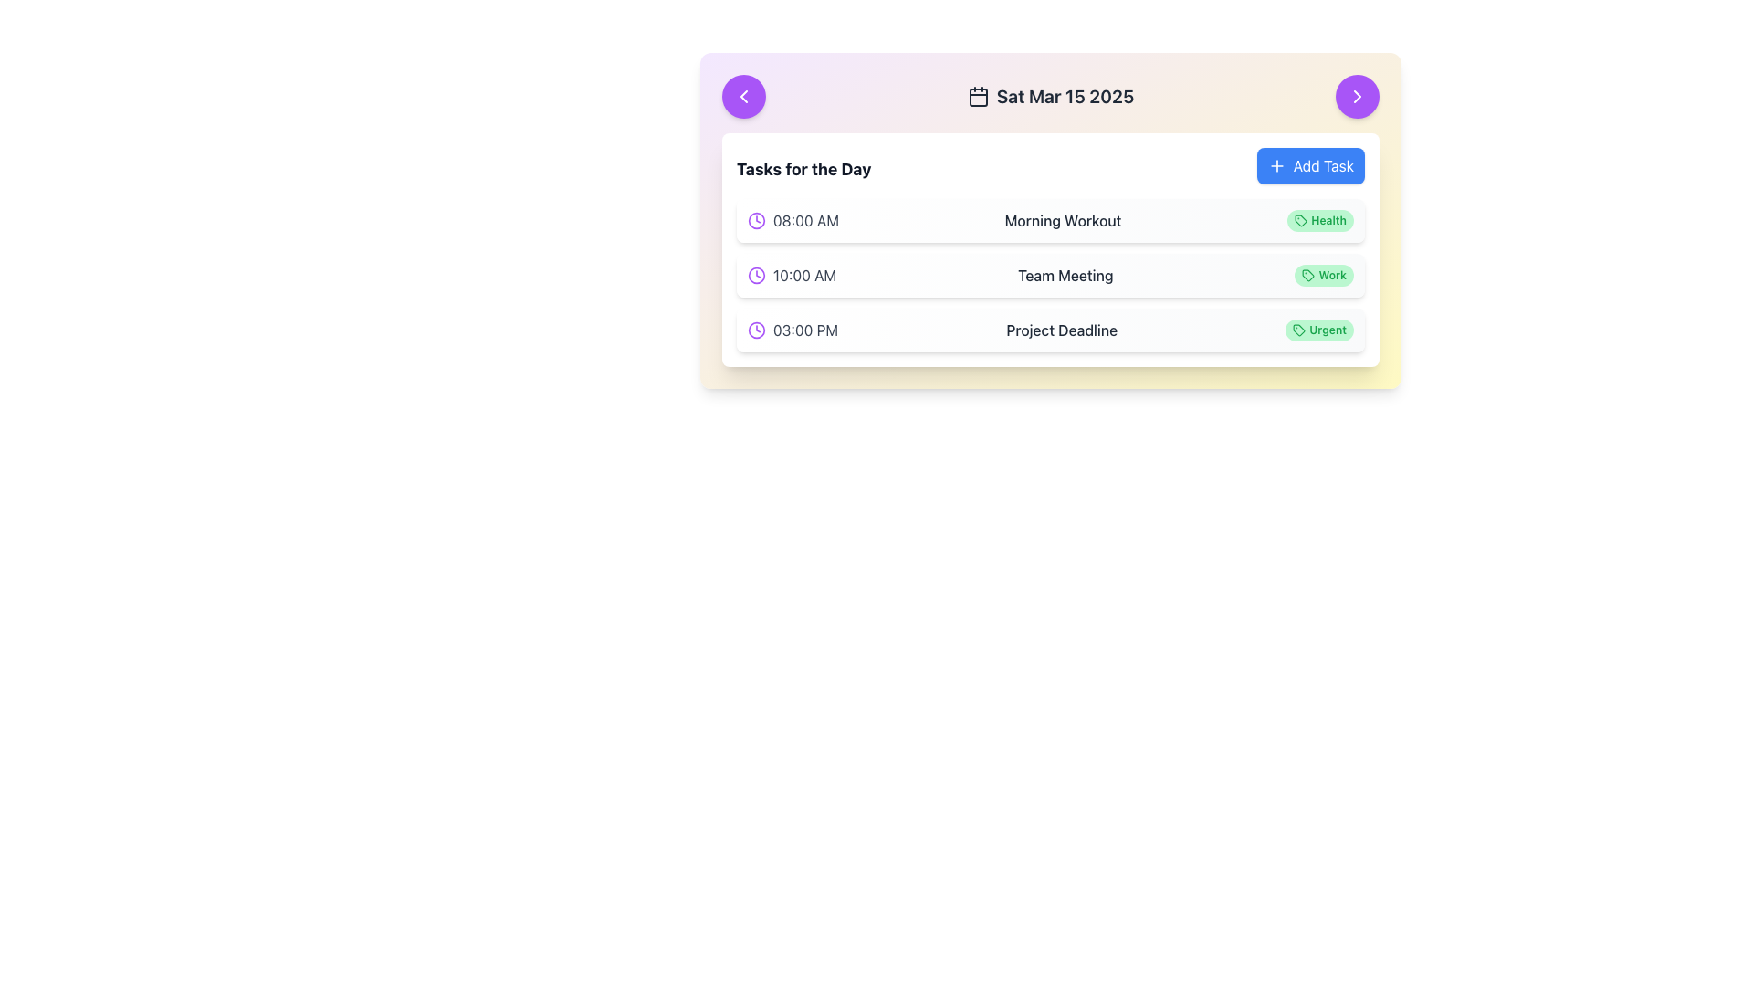 The width and height of the screenshot is (1753, 986). Describe the element at coordinates (792, 275) in the screenshot. I see `the Timestamp element that serves as a visual indicator of a scheduled event, located in the second row of tasks, between '08:00 AM' and '03:00 PM'` at that location.